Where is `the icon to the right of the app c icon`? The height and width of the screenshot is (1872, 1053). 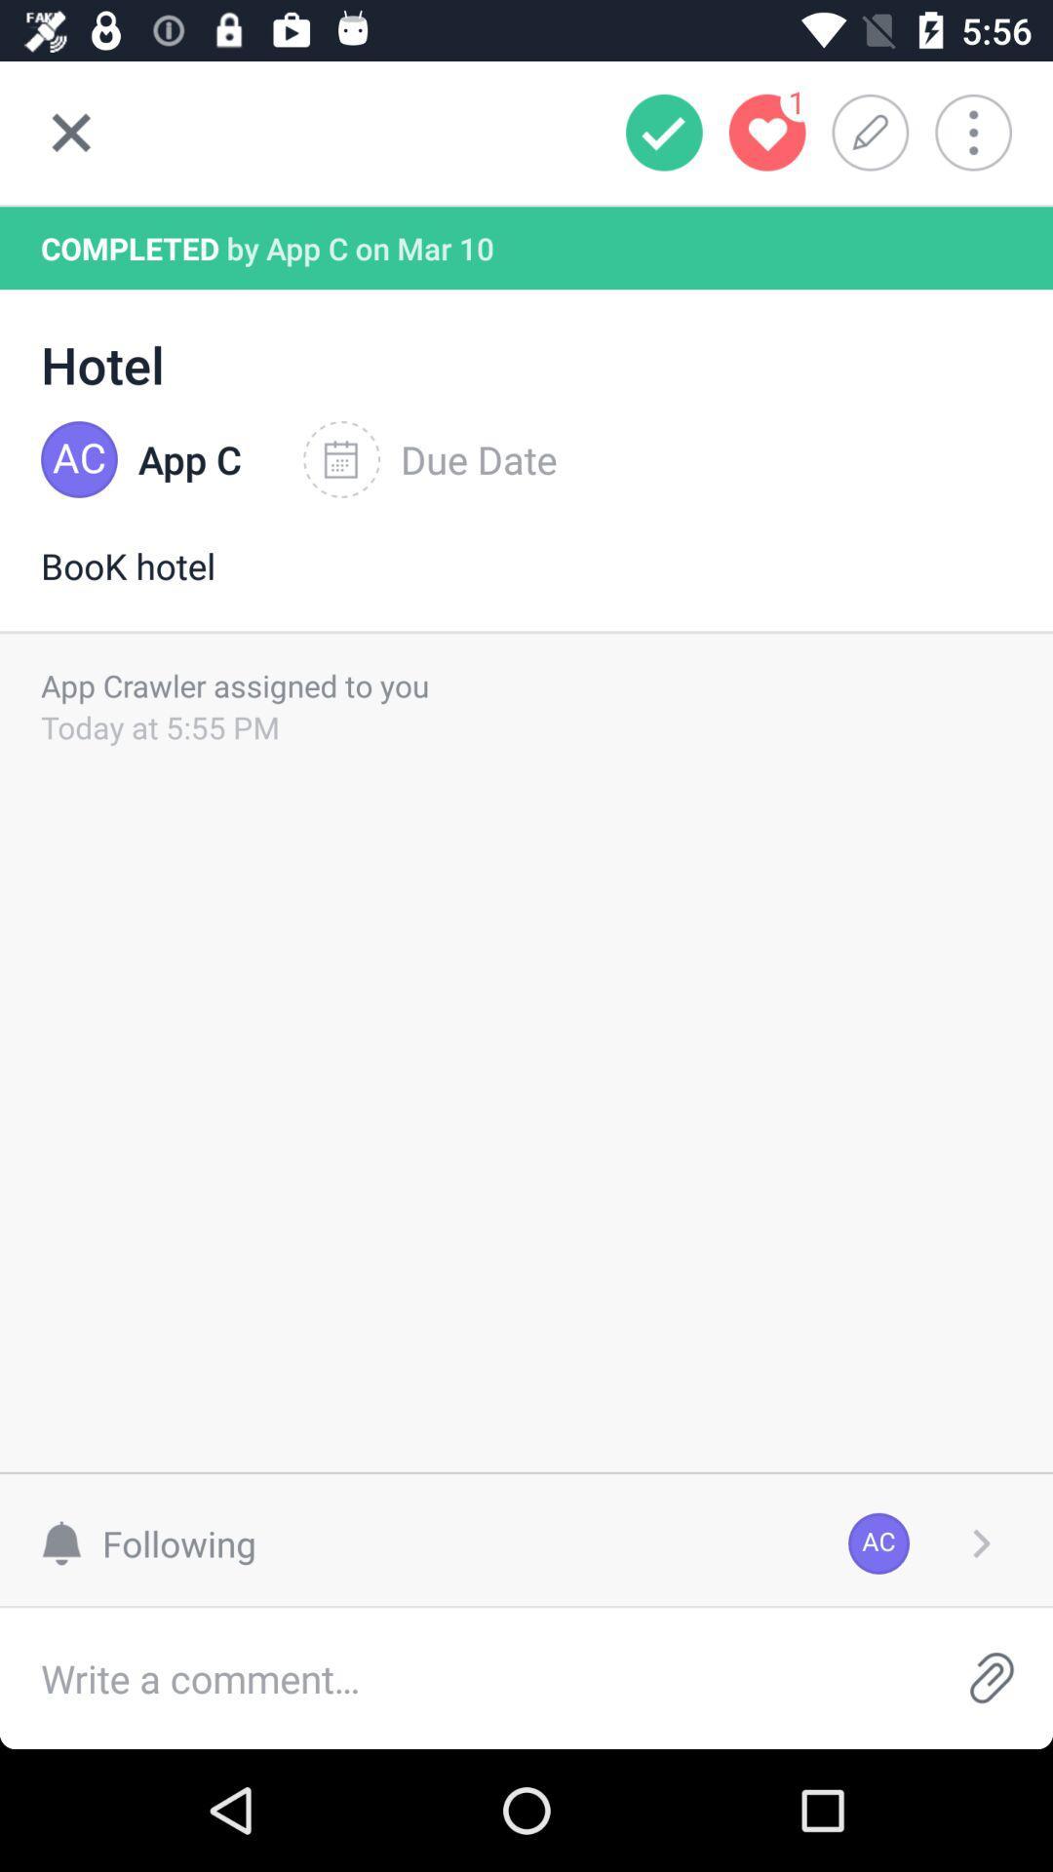
the icon to the right of the app c icon is located at coordinates (429, 458).